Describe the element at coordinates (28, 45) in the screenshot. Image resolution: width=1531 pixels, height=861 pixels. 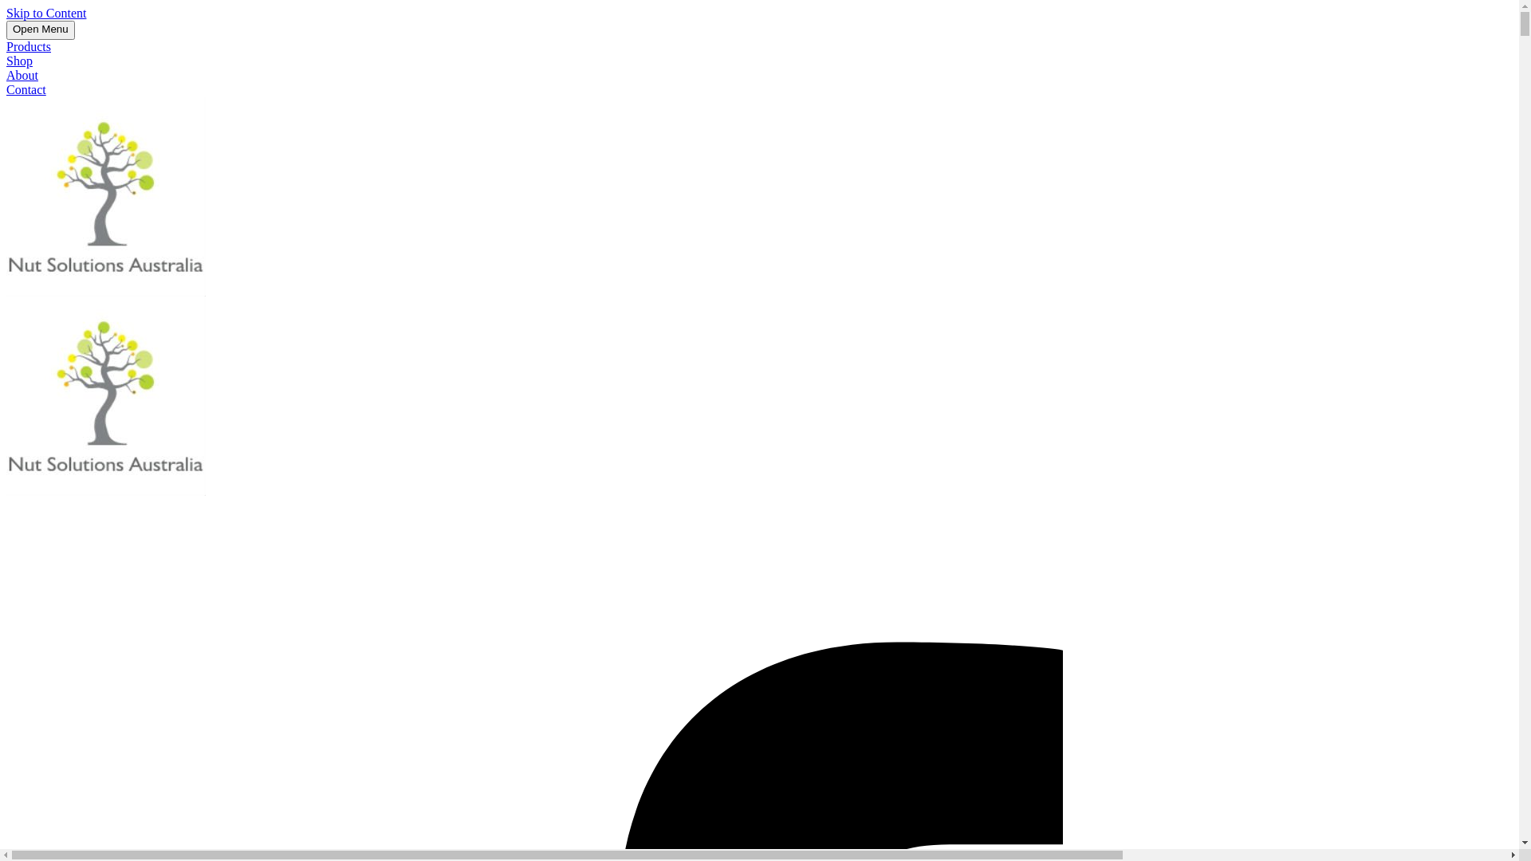
I see `'Products'` at that location.